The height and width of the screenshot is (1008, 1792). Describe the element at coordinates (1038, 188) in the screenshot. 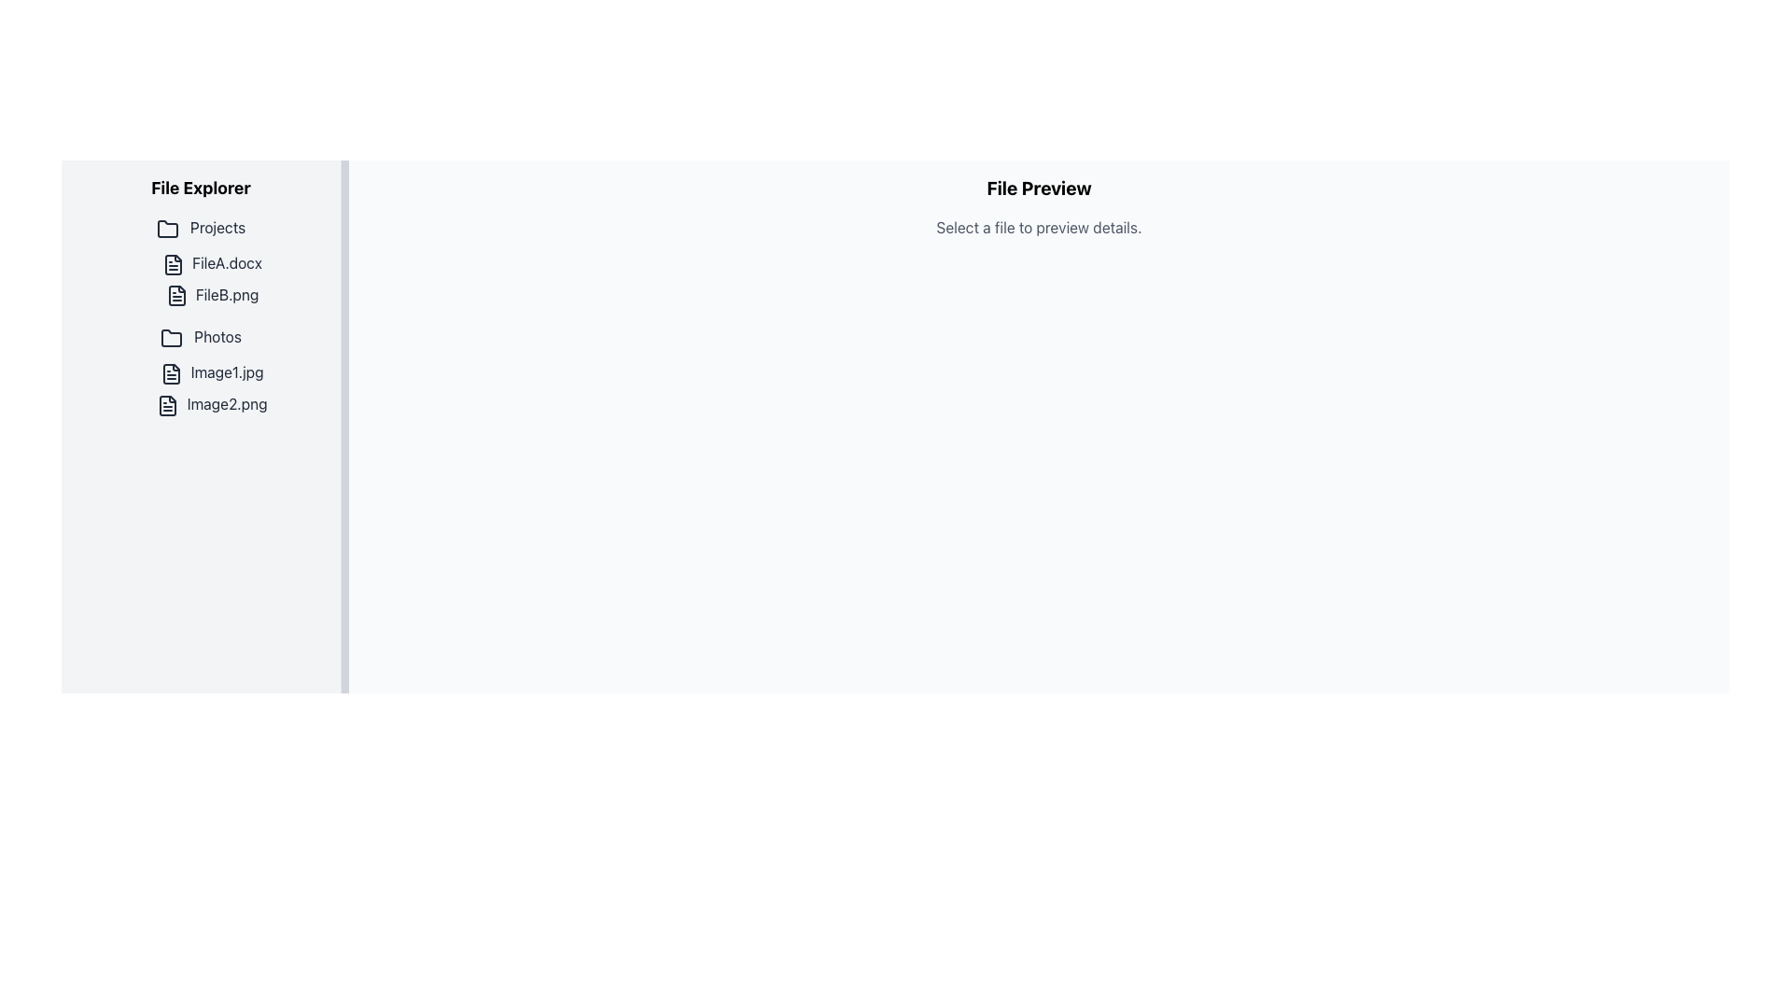

I see `heading element that displays 'File Preview', which is styled in bold and large font, positioned horizontally centered above the subordinate text` at that location.